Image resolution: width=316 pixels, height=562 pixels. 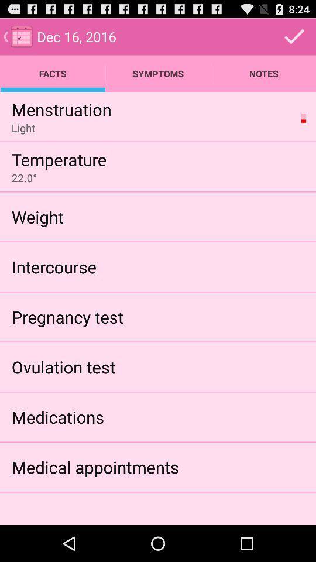 What do you see at coordinates (67, 317) in the screenshot?
I see `the icon below intercourse` at bounding box center [67, 317].